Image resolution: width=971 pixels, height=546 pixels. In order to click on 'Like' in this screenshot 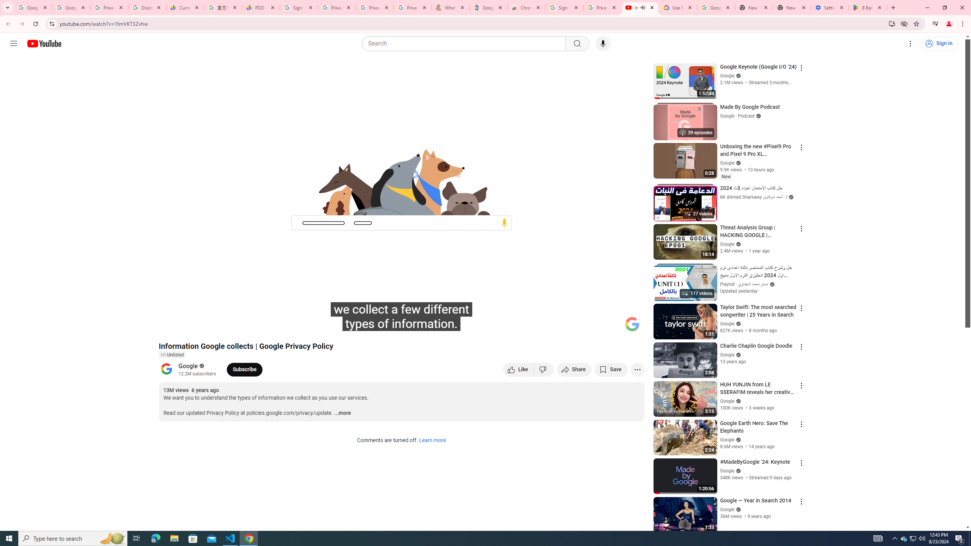, I will do `click(518, 369)`.